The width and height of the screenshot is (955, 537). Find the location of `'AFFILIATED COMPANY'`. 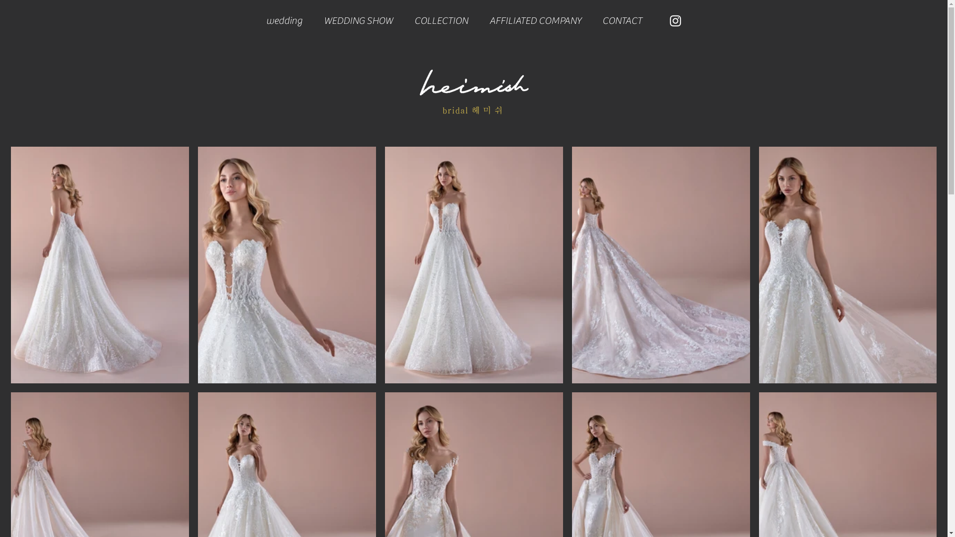

'AFFILIATED COMPANY' is located at coordinates (534, 20).